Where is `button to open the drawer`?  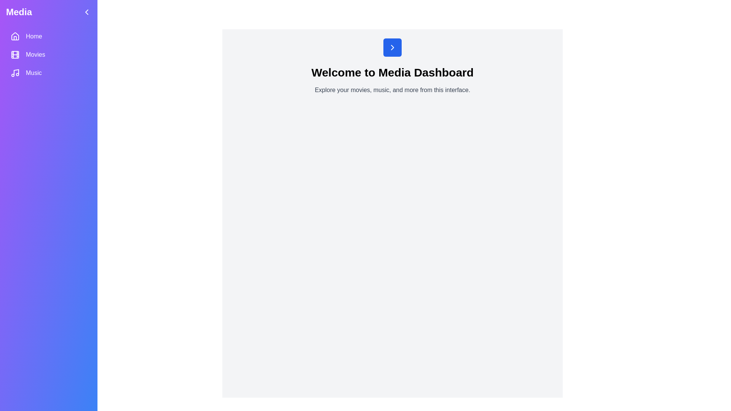
button to open the drawer is located at coordinates (393, 47).